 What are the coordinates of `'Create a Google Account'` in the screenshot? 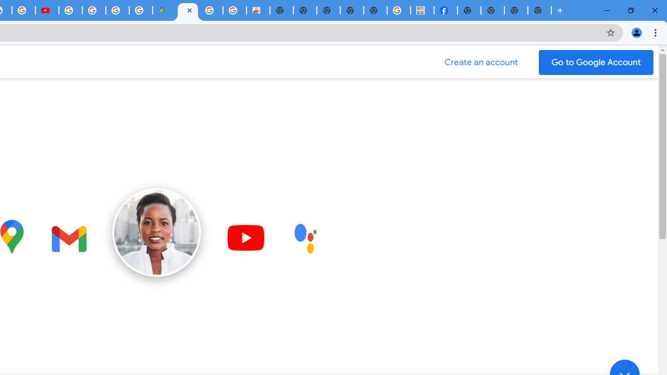 It's located at (481, 62).